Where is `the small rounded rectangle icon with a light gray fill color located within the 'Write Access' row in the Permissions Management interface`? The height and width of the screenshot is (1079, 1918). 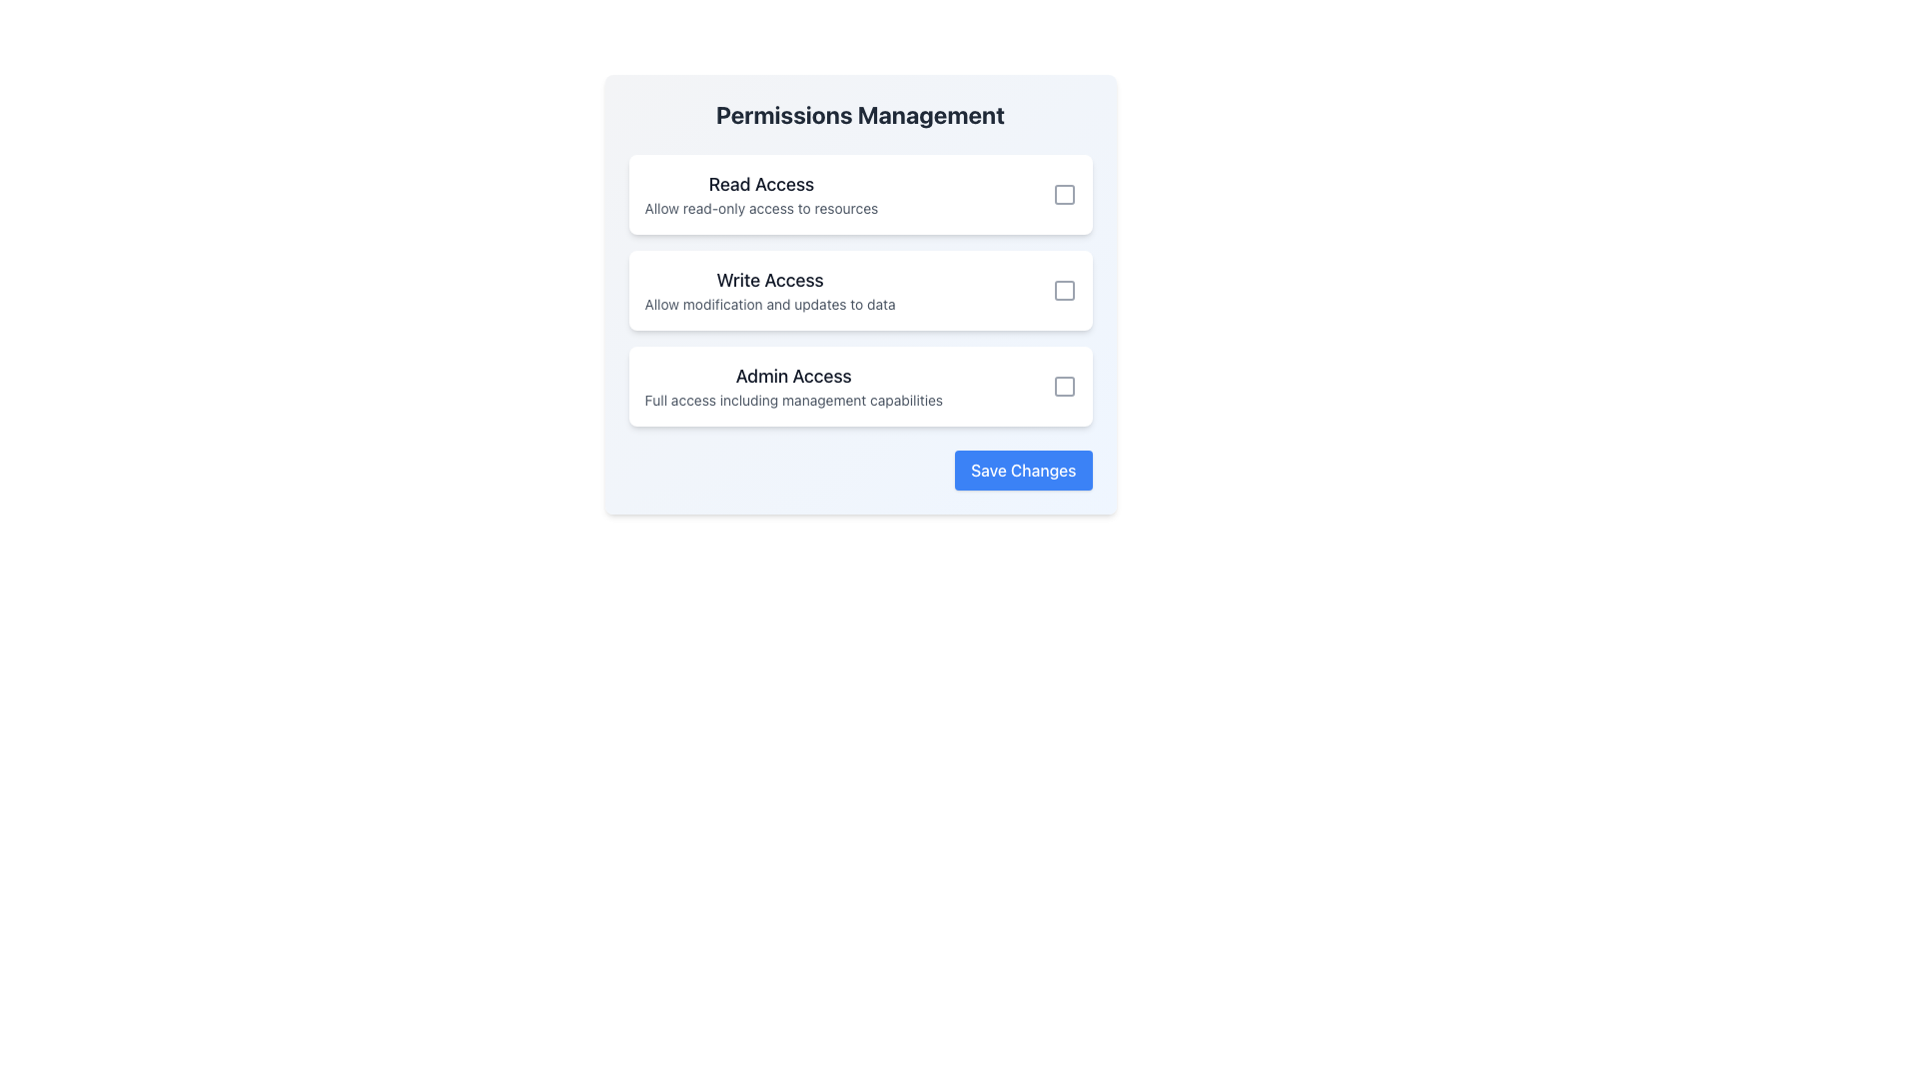 the small rounded rectangle icon with a light gray fill color located within the 'Write Access' row in the Permissions Management interface is located at coordinates (1063, 290).